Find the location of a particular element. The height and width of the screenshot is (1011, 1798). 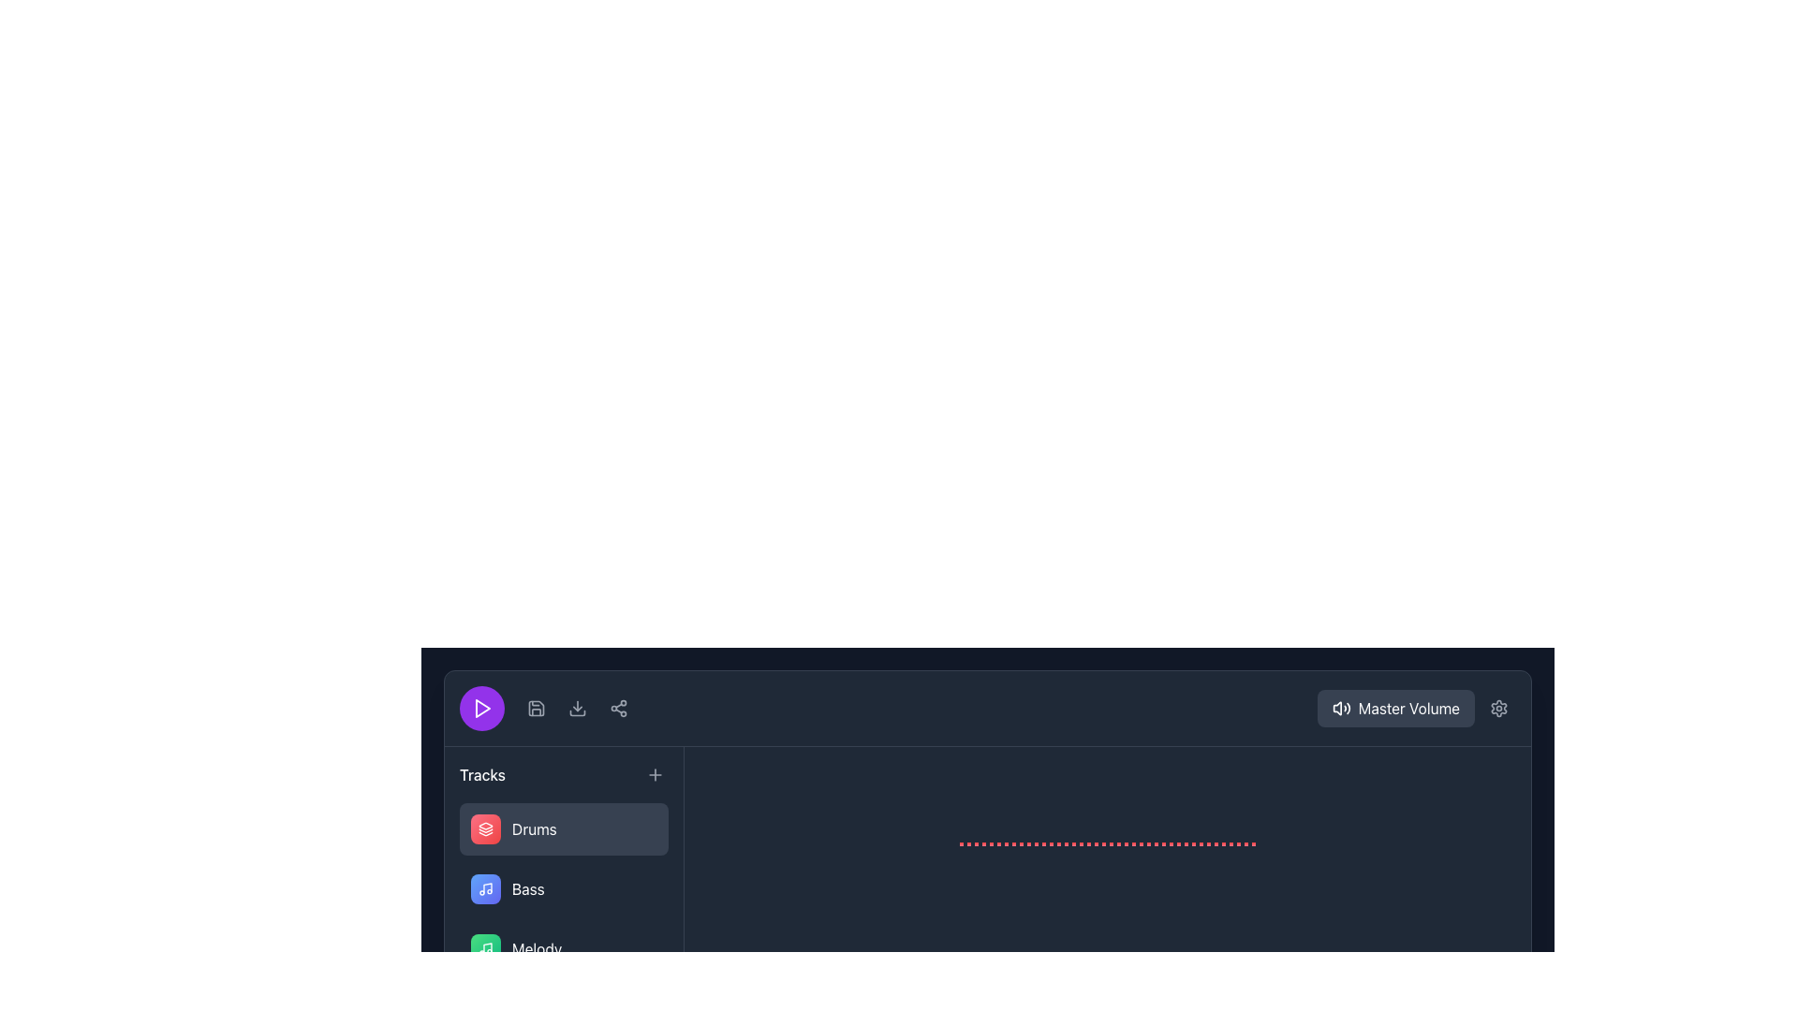

the share button, which is the third button from the left in a row of interactive elements at the top-right corner of the interface, featuring a rounded gray background and a light gray share icon is located at coordinates (619, 708).